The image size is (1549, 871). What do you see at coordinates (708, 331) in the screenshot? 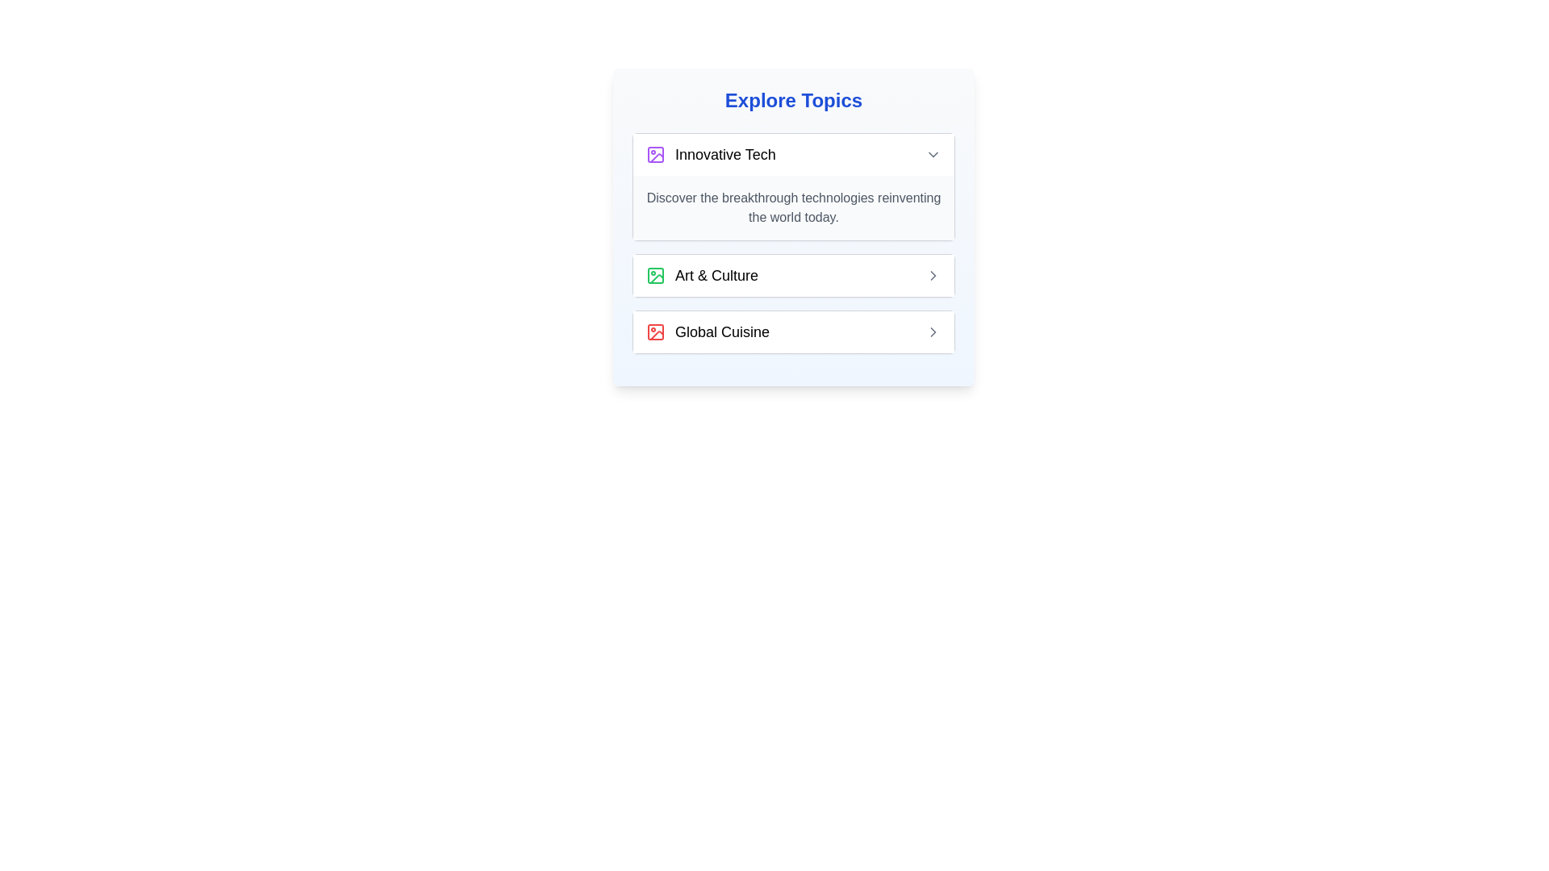
I see `the 'Global Cuisine' link with the red icon` at bounding box center [708, 331].